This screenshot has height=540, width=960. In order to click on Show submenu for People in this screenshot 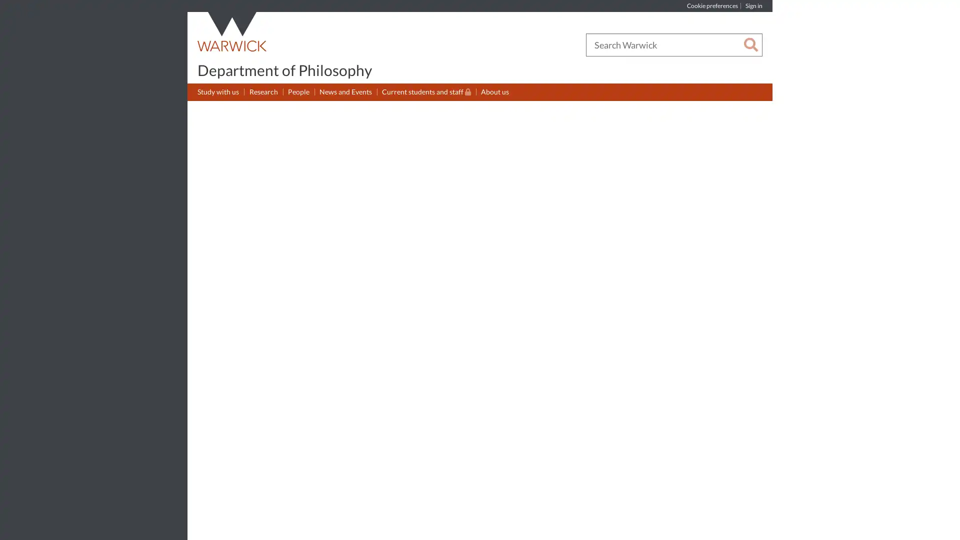, I will do `click(289, 86)`.